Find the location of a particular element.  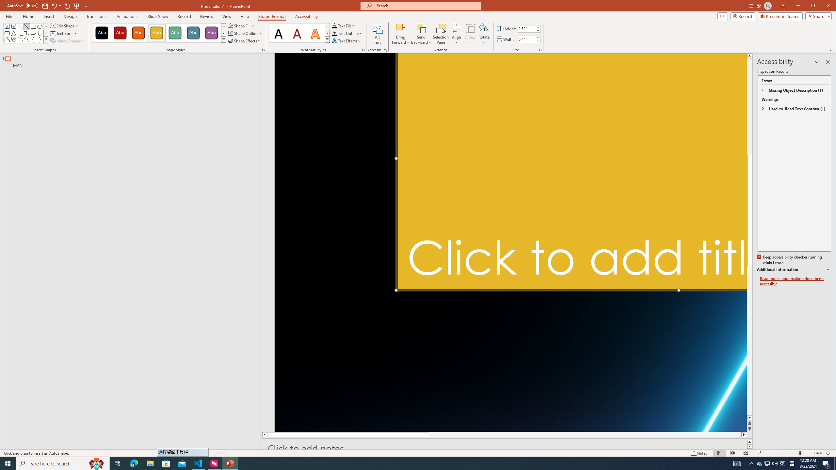

'Keep accessibility checker running while I work' is located at coordinates (790, 260).